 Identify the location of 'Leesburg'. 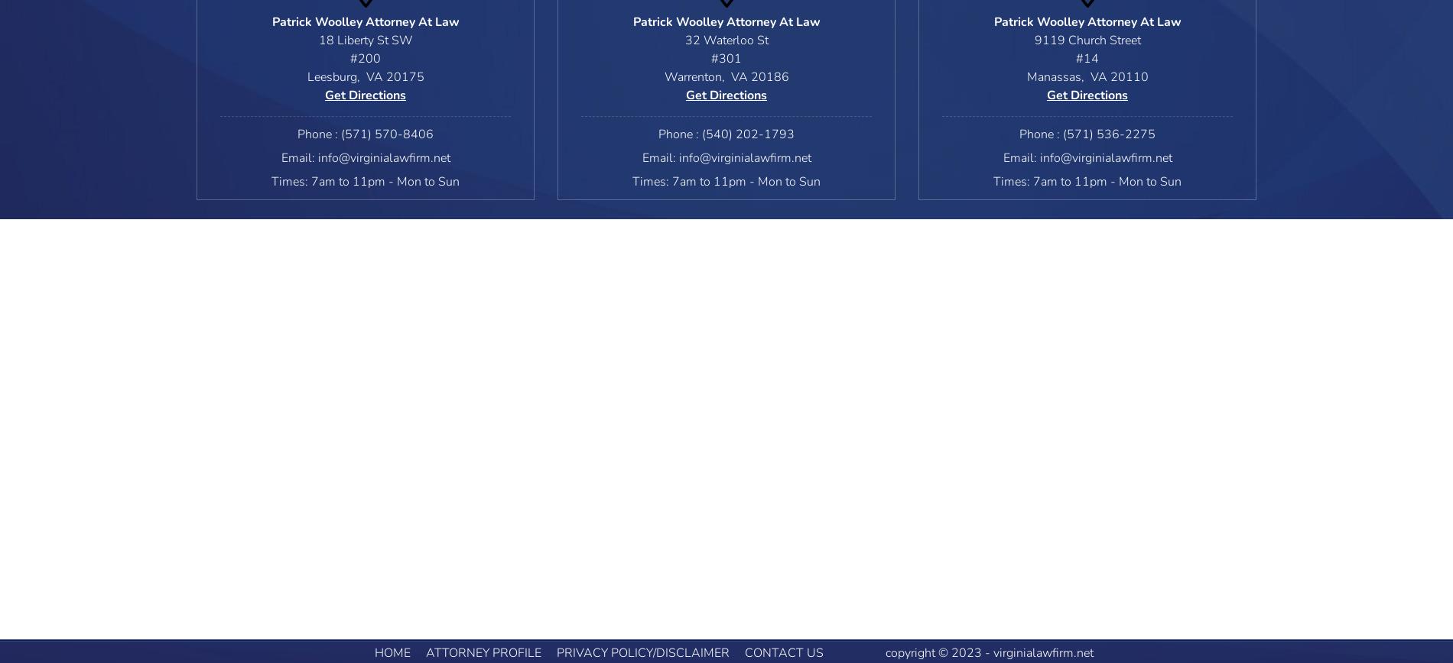
(330, 77).